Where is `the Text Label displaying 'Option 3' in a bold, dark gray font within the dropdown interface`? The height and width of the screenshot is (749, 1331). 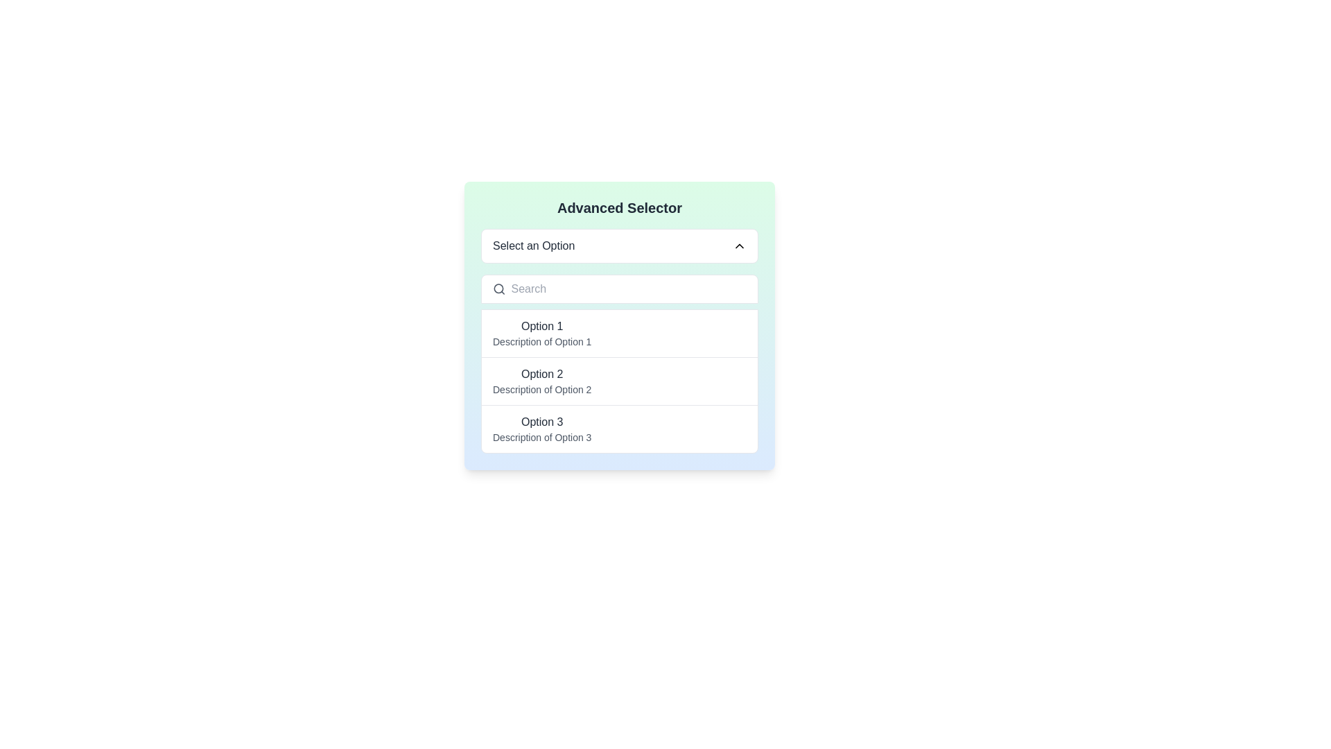
the Text Label displaying 'Option 3' in a bold, dark gray font within the dropdown interface is located at coordinates (541, 422).